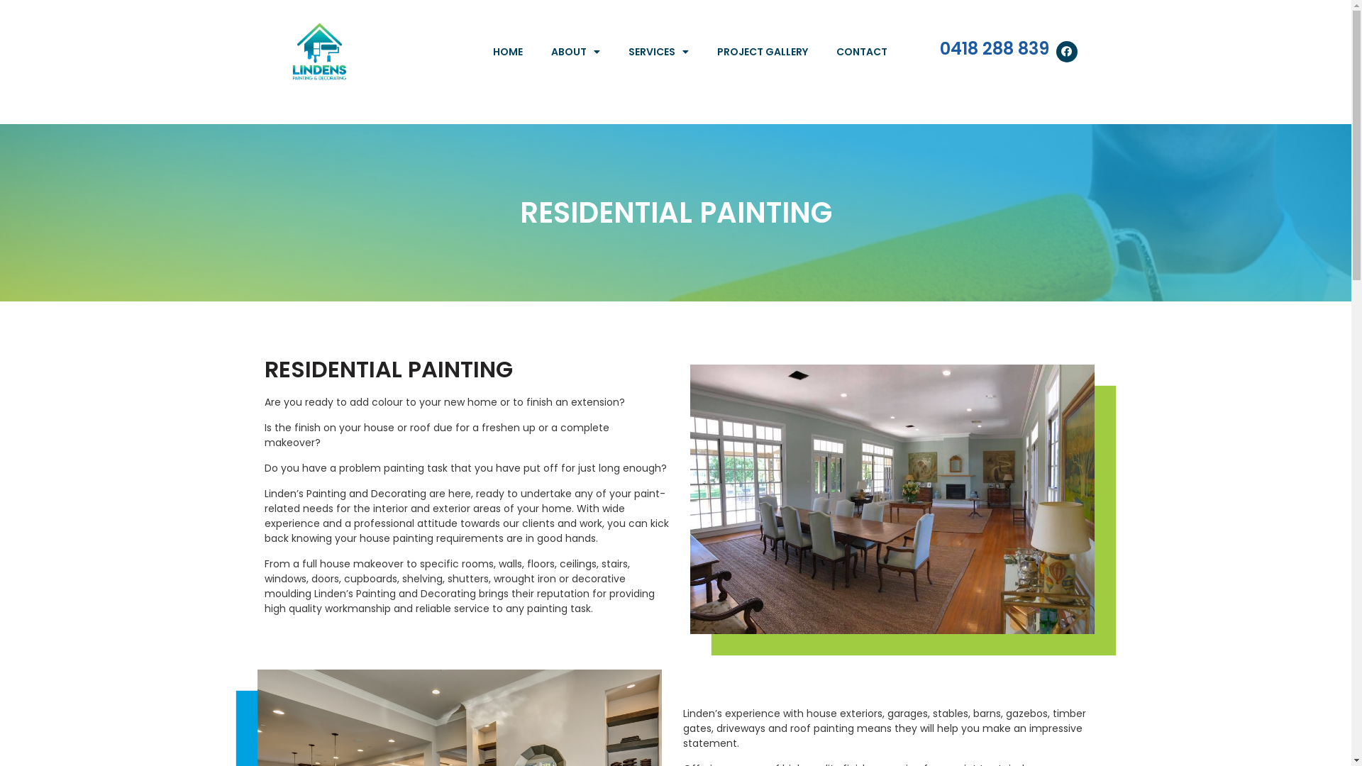  What do you see at coordinates (939, 48) in the screenshot?
I see `'0418 288 839'` at bounding box center [939, 48].